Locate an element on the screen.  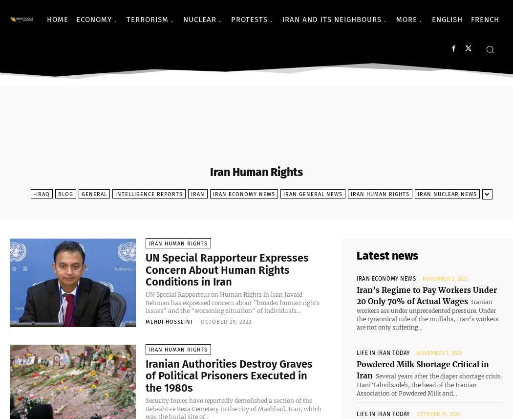
'Iranian workers are under unprecedented pressure. Under the tyrannical rule of the mullahs, Iran’s workers are not only suffering...' is located at coordinates (427, 310).